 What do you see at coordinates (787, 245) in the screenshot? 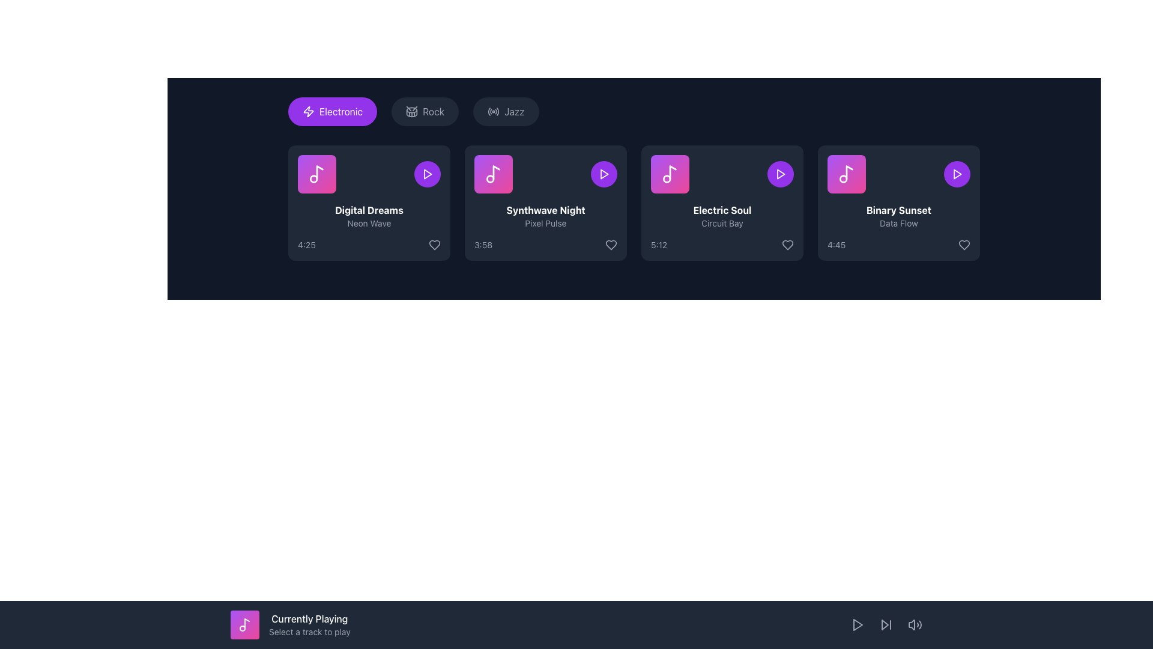
I see `the heart-shaped button with a gray outline located at the bottom-right corner of the 'Electric Soul' card to mark the song as a favorite` at bounding box center [787, 245].